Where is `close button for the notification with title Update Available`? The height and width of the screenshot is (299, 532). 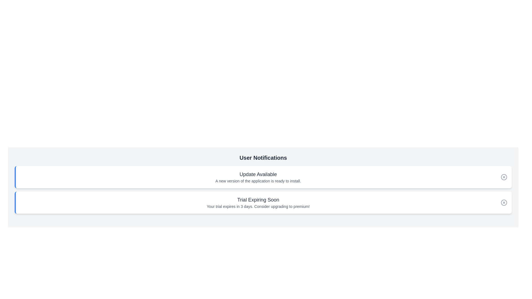
close button for the notification with title Update Available is located at coordinates (504, 177).